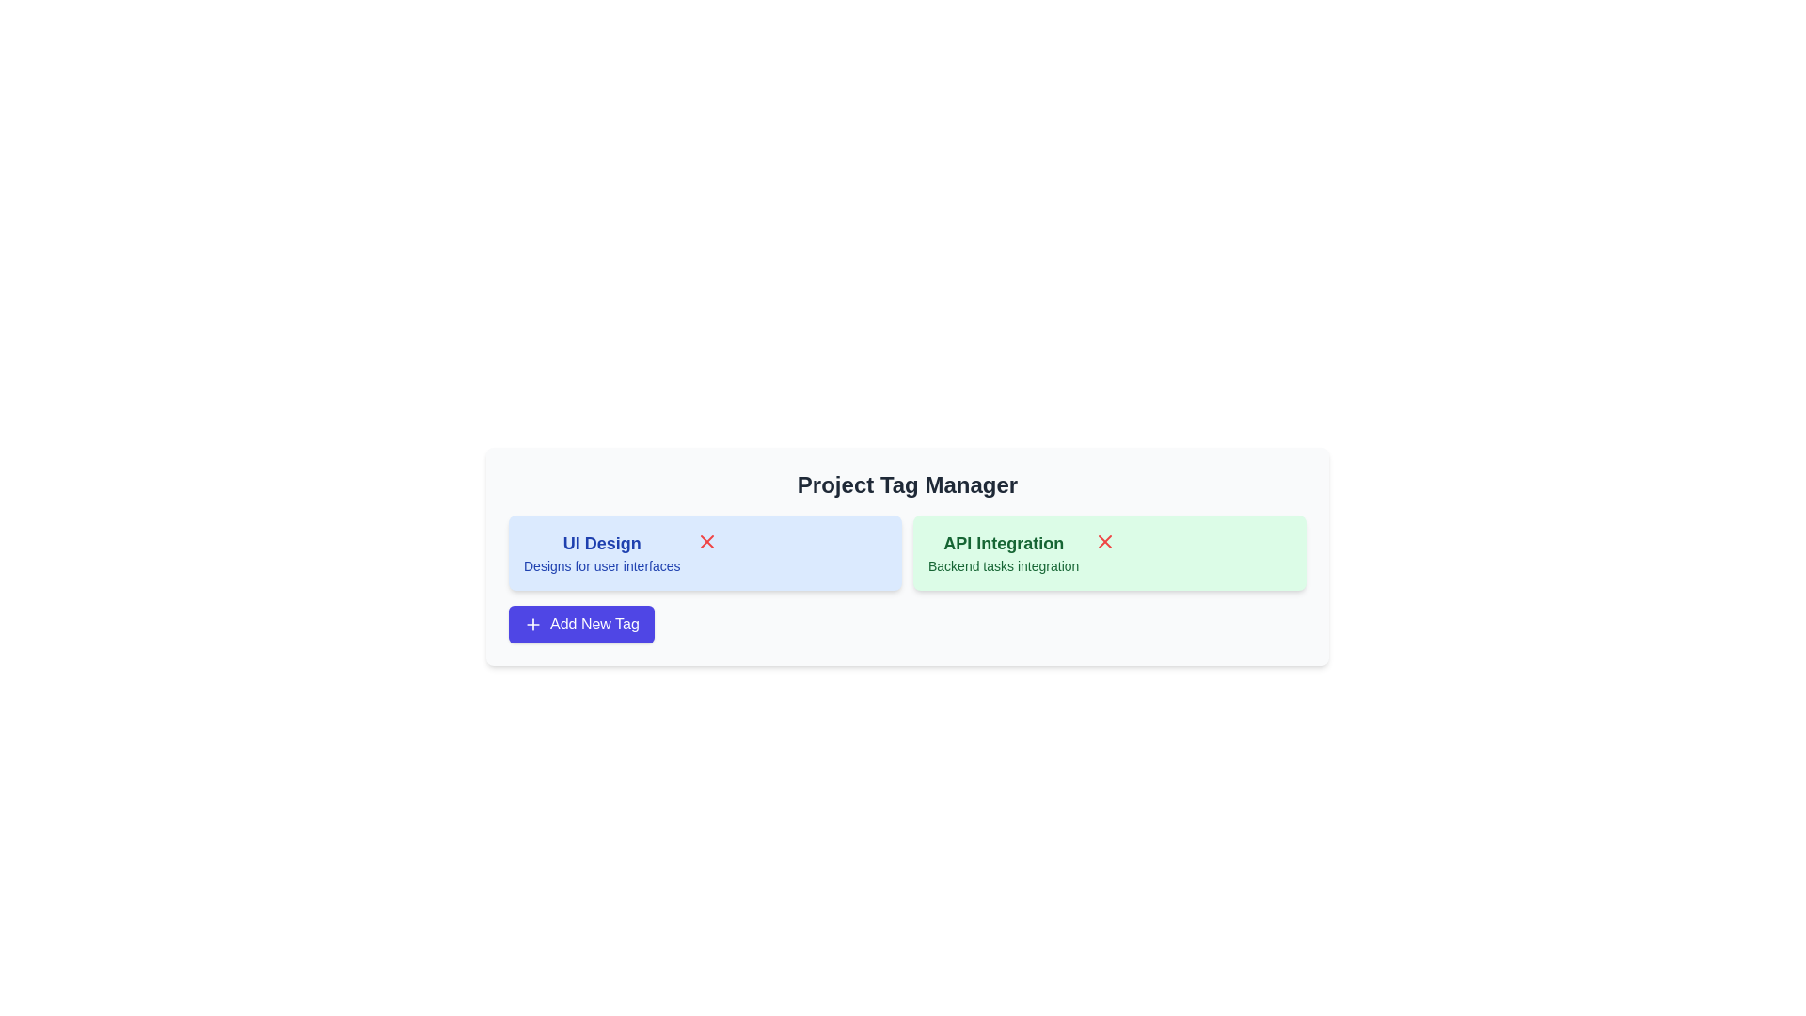 This screenshot has height=1016, width=1806. I want to click on the delete button located in the top-right corner of the 'API Integration' card to observe hover effects, so click(1105, 541).